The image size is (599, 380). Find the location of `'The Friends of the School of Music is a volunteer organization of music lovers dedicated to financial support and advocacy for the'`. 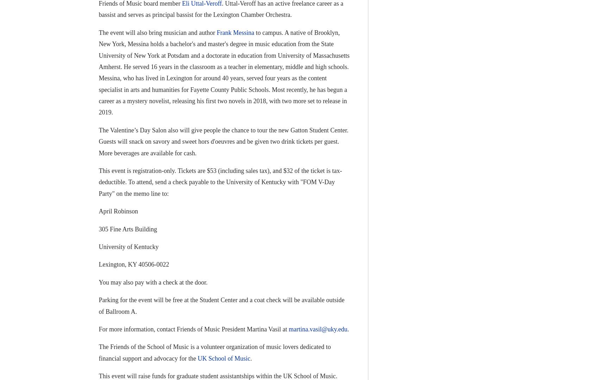

'The Friends of the School of Music is a volunteer organization of music lovers dedicated to financial support and advocacy for the' is located at coordinates (98, 352).